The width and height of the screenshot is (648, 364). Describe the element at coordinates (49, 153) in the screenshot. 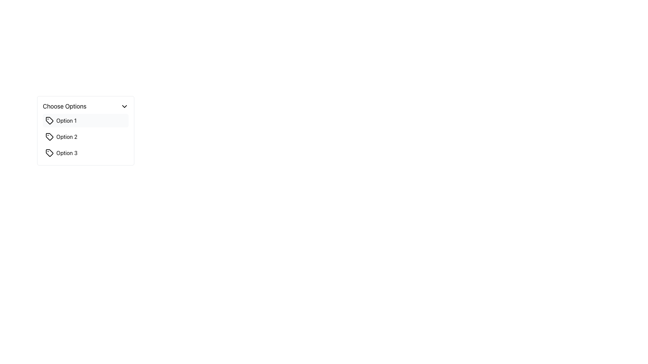

I see `the tag-shaped icon with a thin black outline that represents the 'Option 3' in the dropdown menu` at that location.